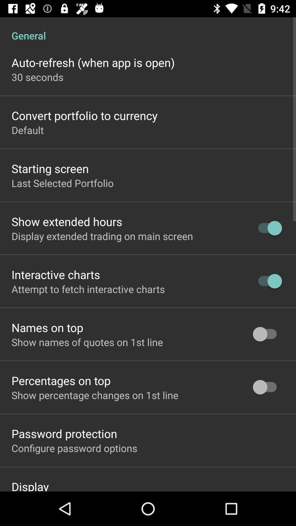 This screenshot has height=526, width=296. What do you see at coordinates (50, 168) in the screenshot?
I see `starting screen item` at bounding box center [50, 168].